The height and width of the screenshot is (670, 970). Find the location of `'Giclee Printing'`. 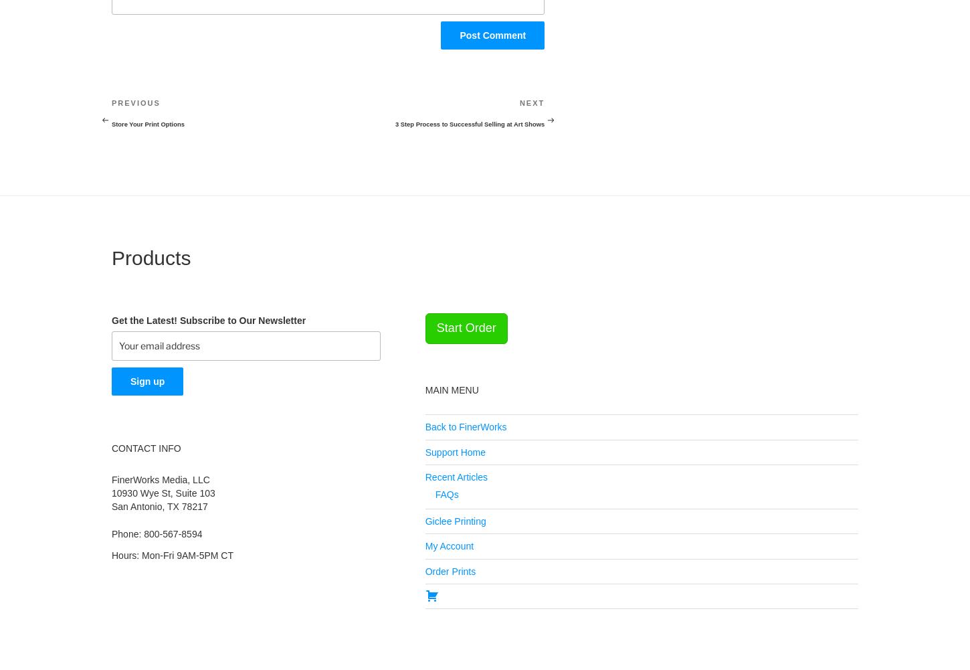

'Giclee Printing' is located at coordinates (454, 520).